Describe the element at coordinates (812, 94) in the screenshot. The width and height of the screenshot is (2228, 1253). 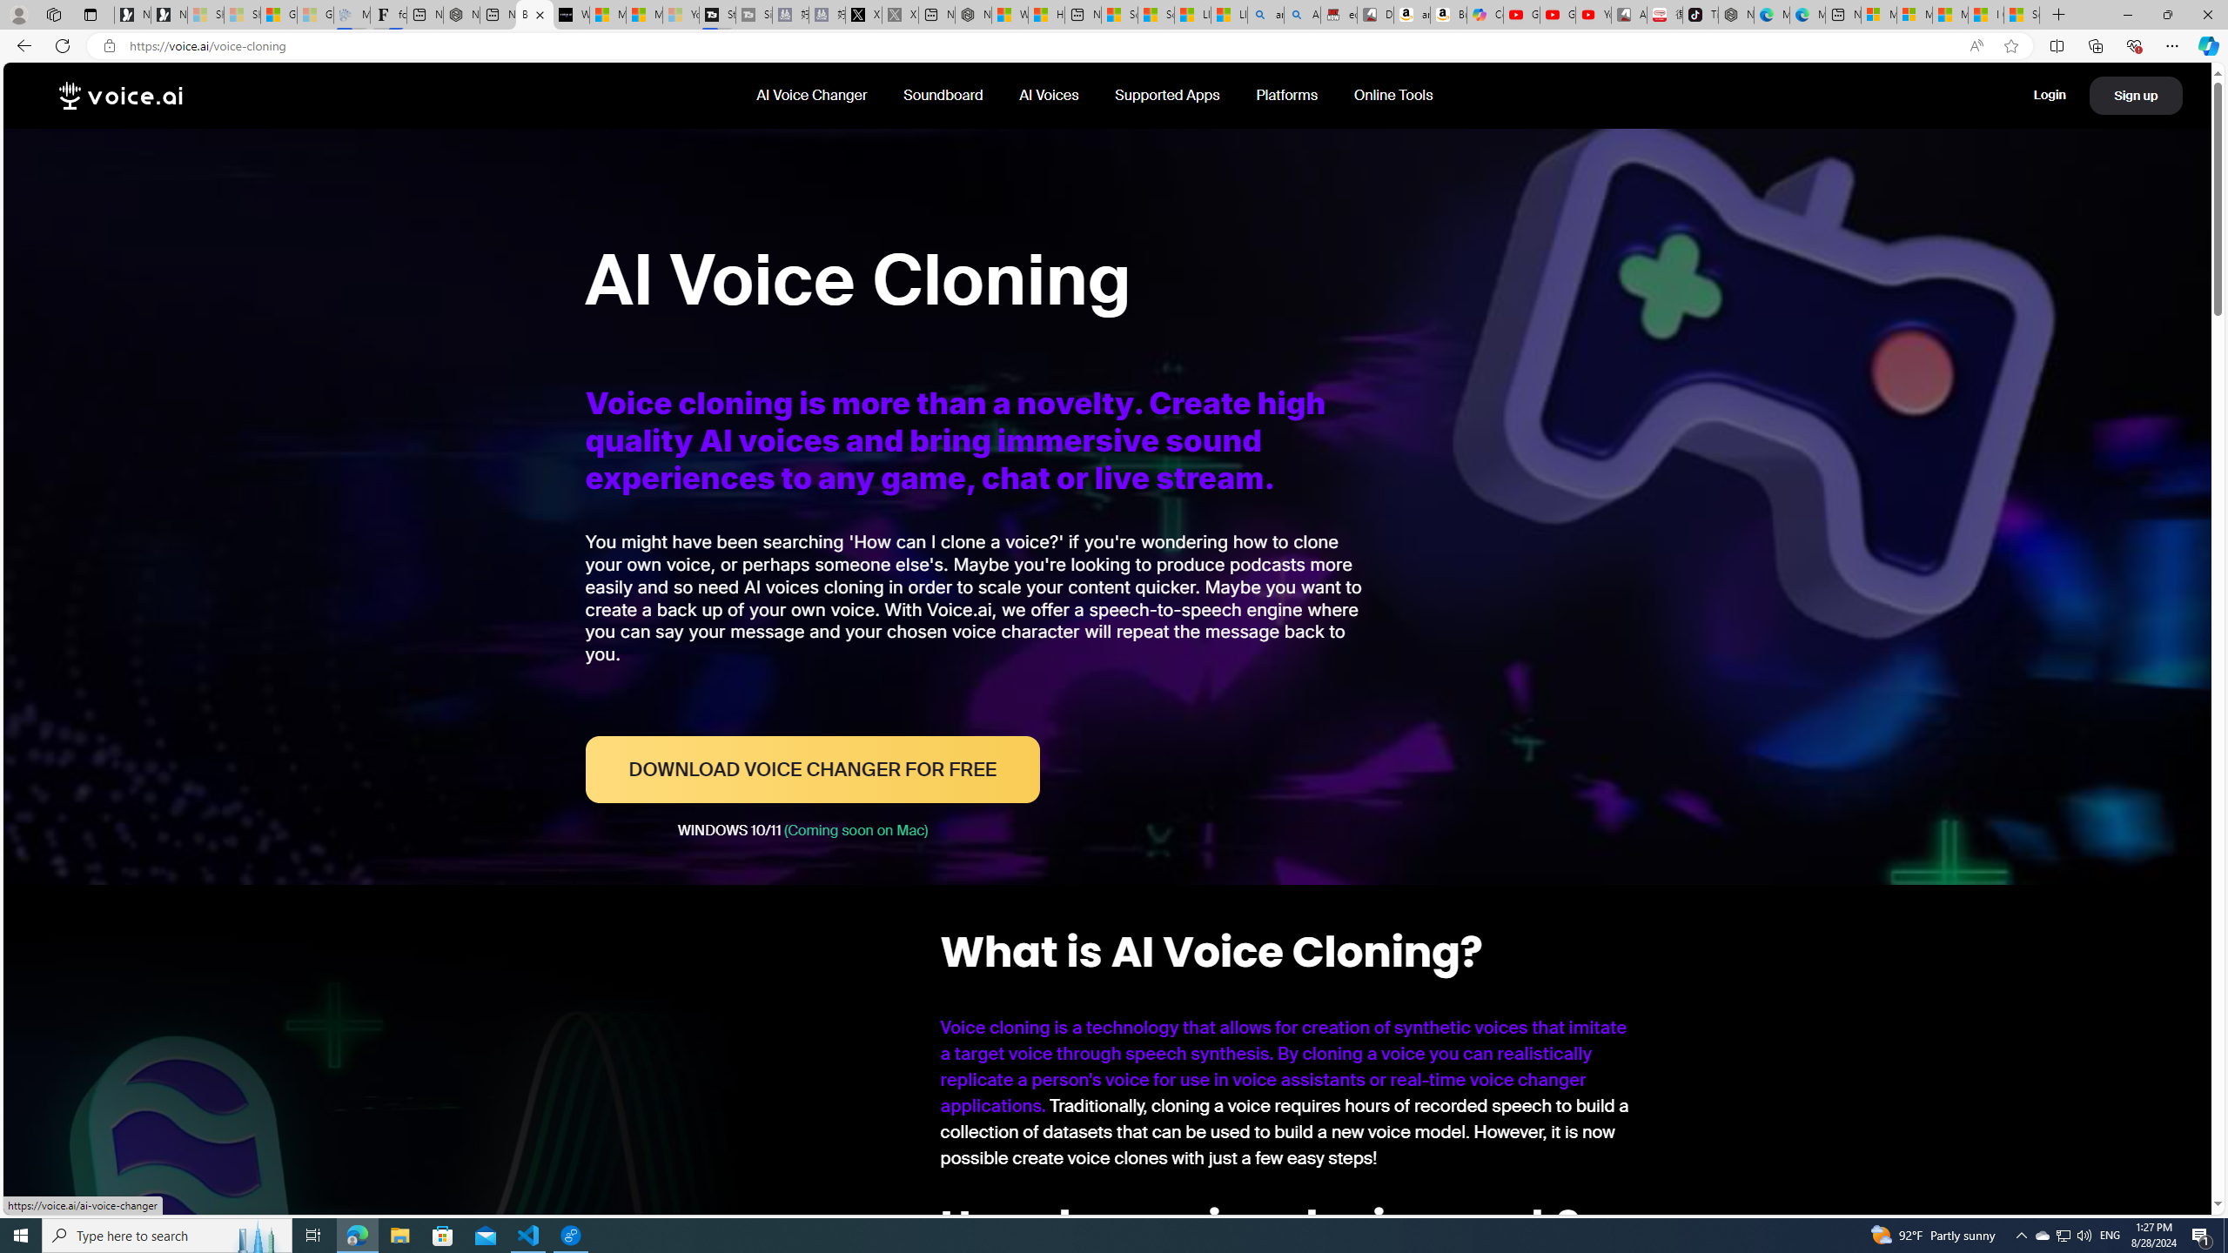
I see `'AI Voice Changer '` at that location.